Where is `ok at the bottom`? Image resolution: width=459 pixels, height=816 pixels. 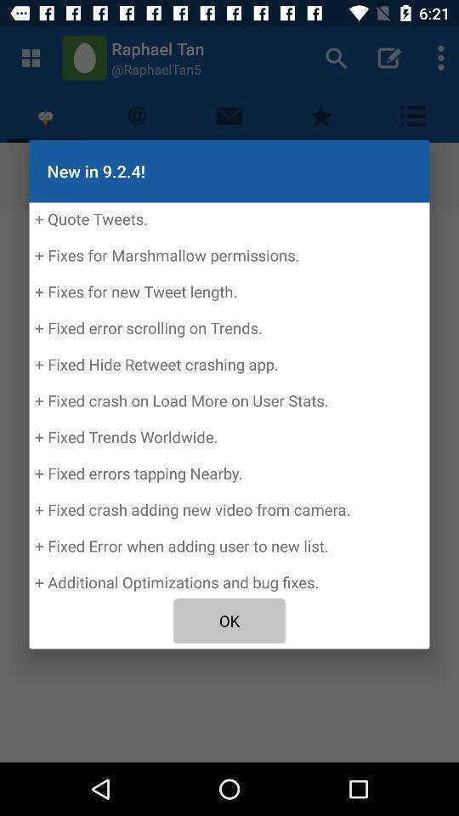 ok at the bottom is located at coordinates (229, 620).